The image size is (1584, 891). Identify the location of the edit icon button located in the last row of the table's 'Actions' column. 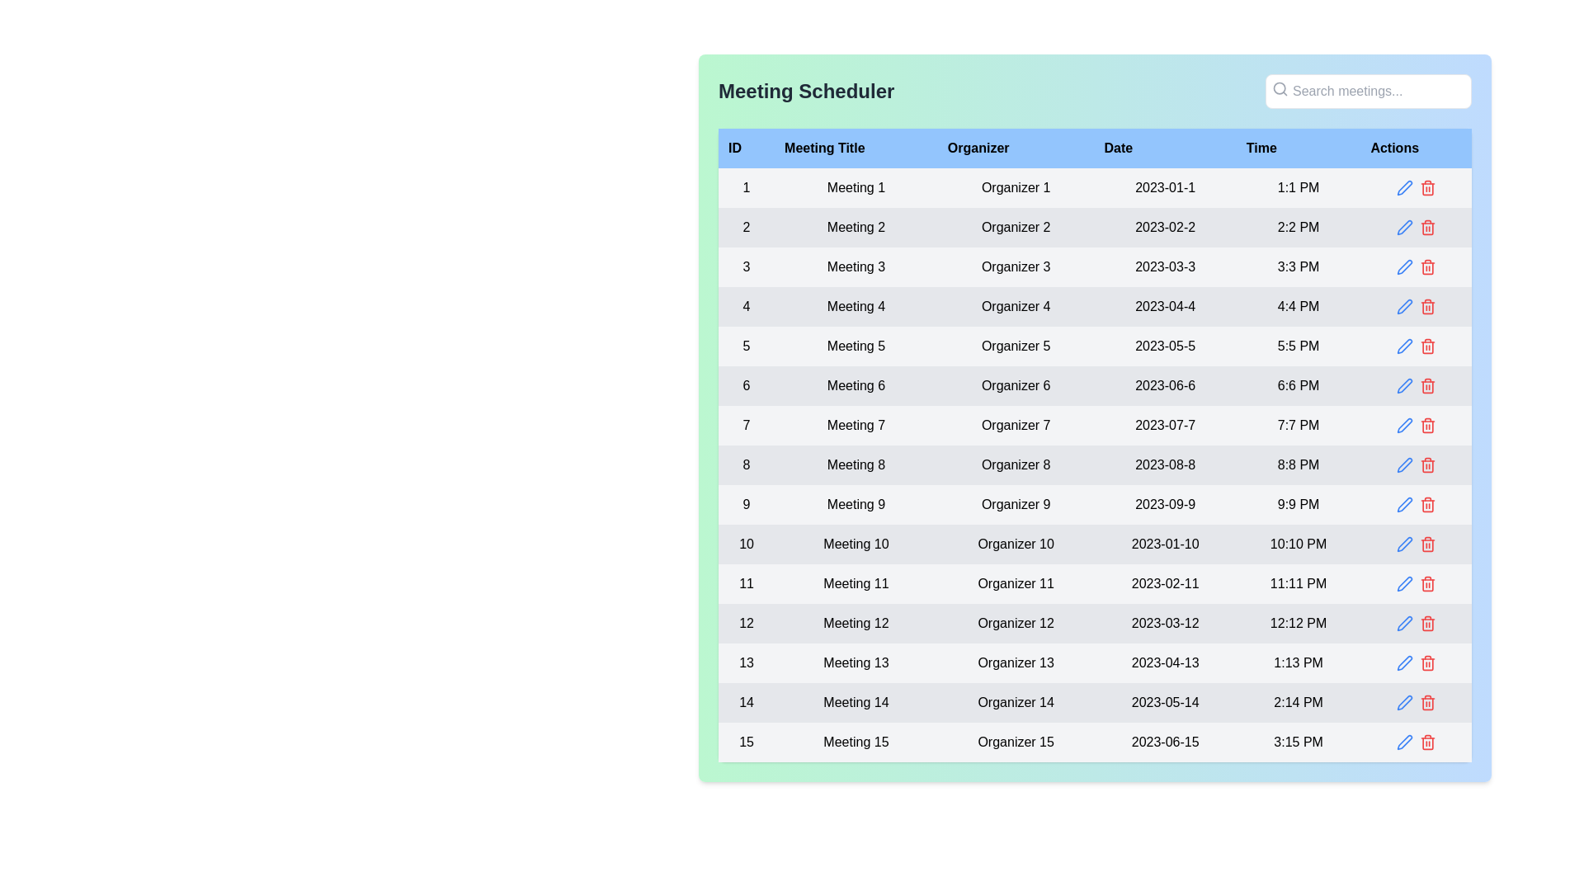
(1403, 741).